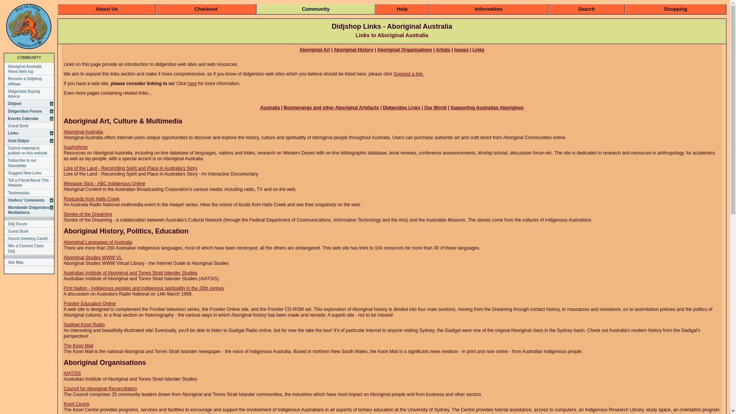 This screenshot has width=736, height=414. I want to click on 'Information', so click(474, 9).